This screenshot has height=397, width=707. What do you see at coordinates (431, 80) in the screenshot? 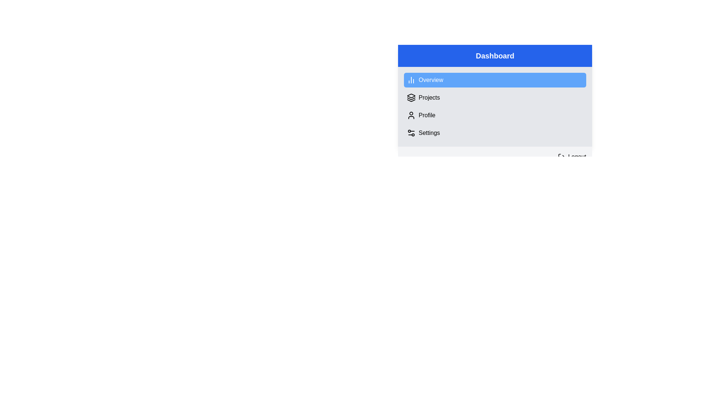
I see `the 'Overview' text label located at the top of the vertical menu list` at bounding box center [431, 80].